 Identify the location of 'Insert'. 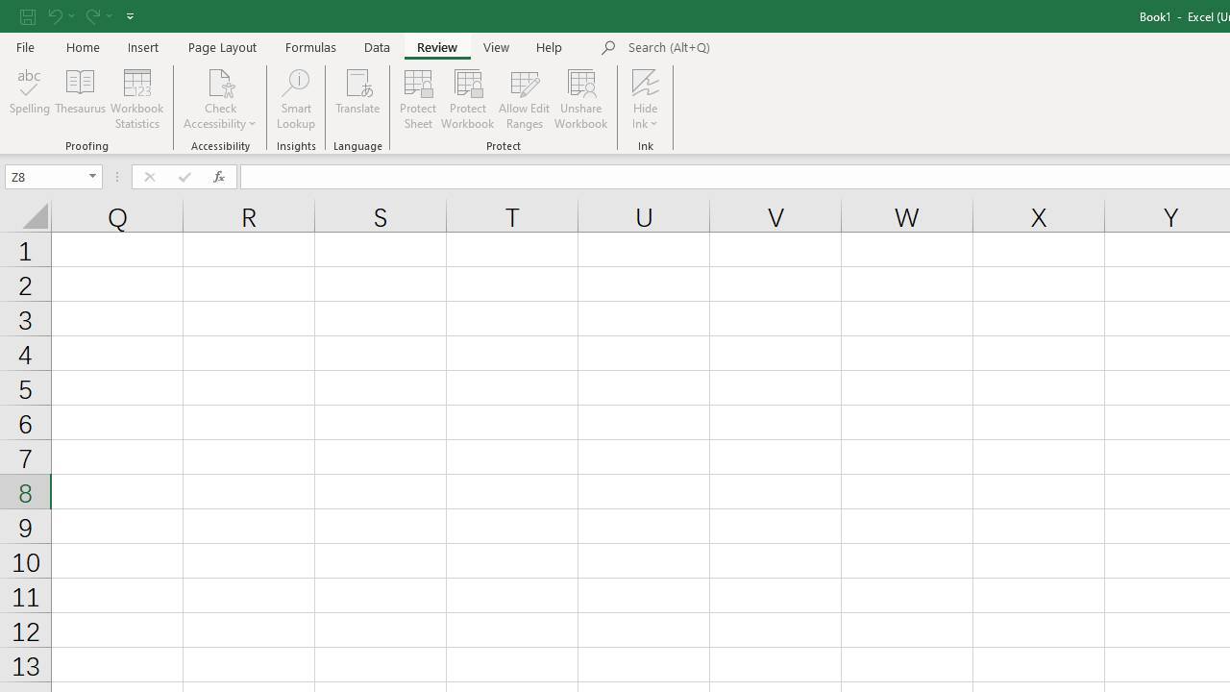
(142, 46).